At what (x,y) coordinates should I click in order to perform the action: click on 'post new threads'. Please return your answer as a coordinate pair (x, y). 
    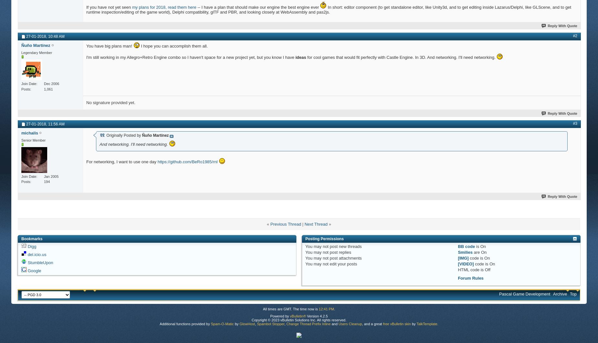
    Looking at the image, I should click on (345, 246).